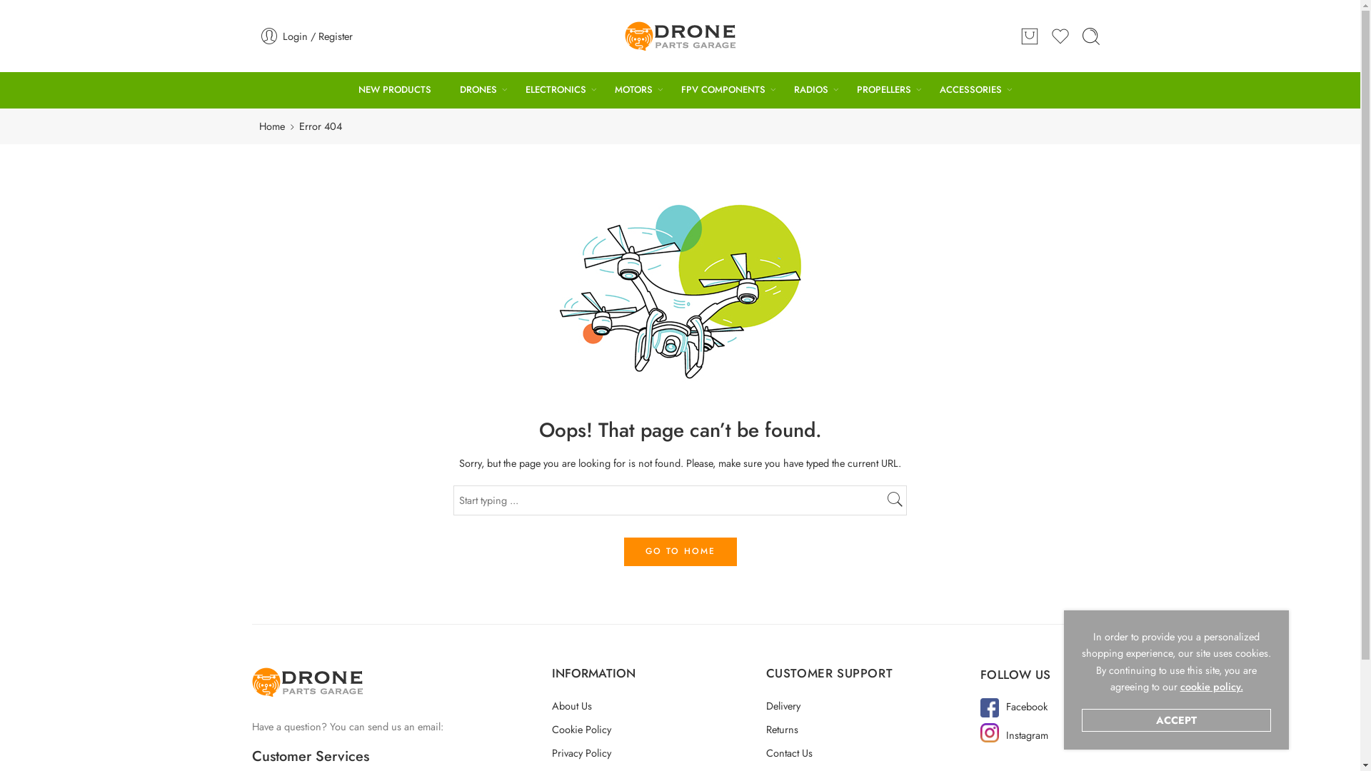 This screenshot has width=1371, height=771. Describe the element at coordinates (970, 90) in the screenshot. I see `'ACCESSORIES'` at that location.